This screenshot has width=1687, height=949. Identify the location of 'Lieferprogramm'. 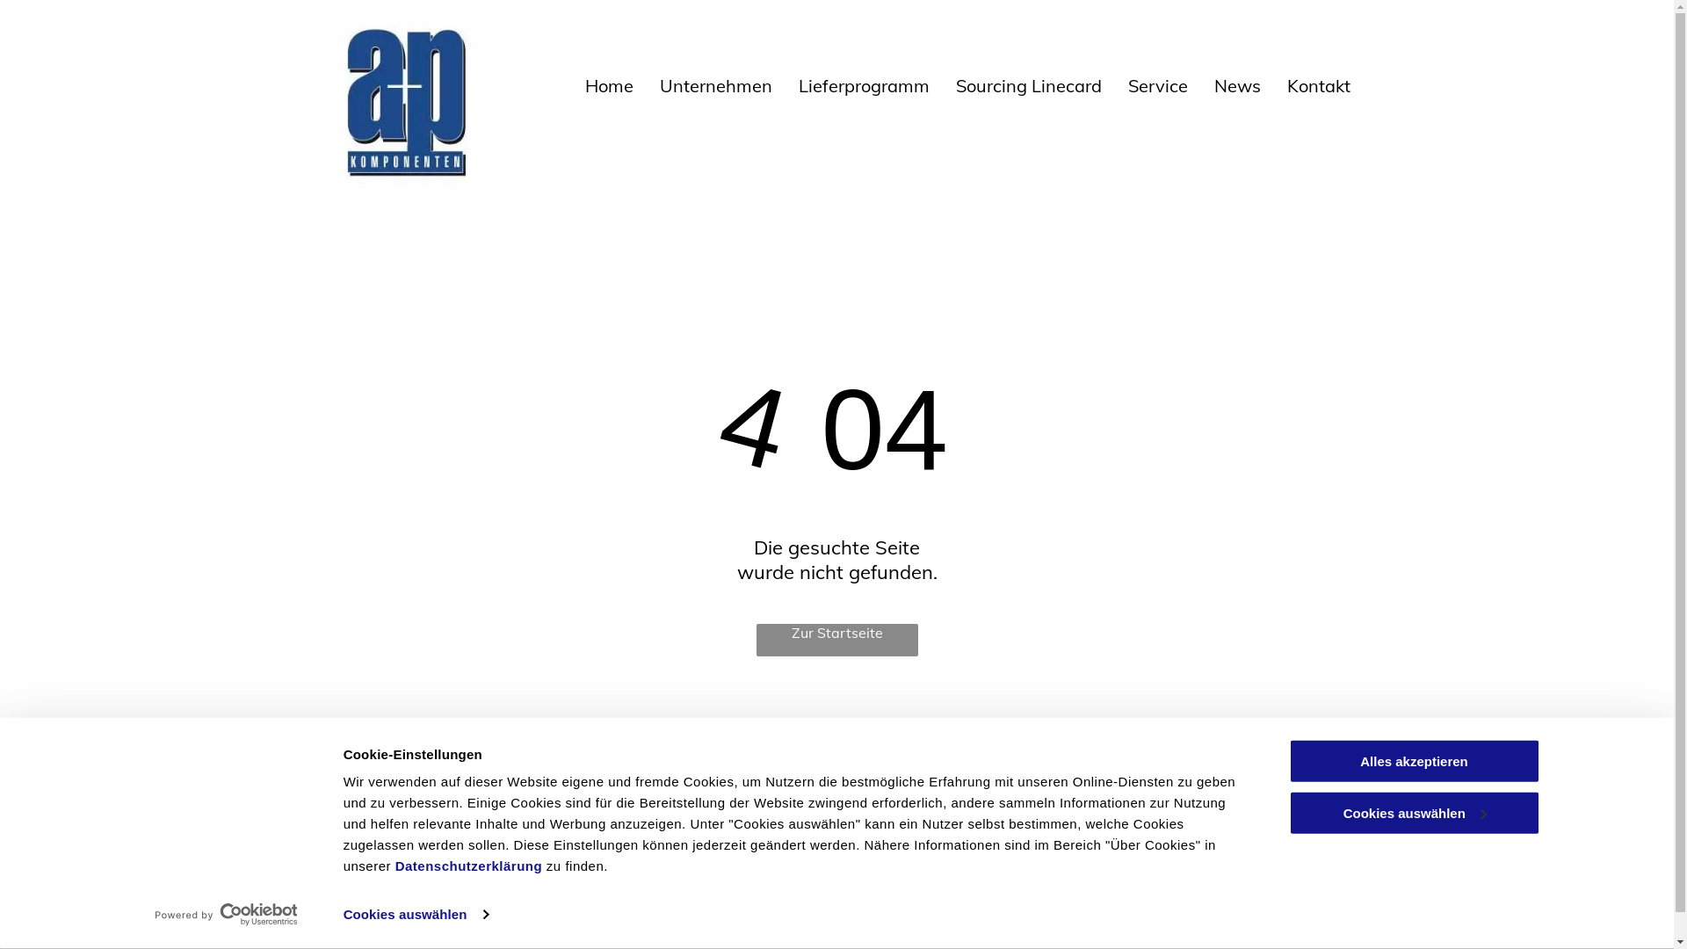
(851, 85).